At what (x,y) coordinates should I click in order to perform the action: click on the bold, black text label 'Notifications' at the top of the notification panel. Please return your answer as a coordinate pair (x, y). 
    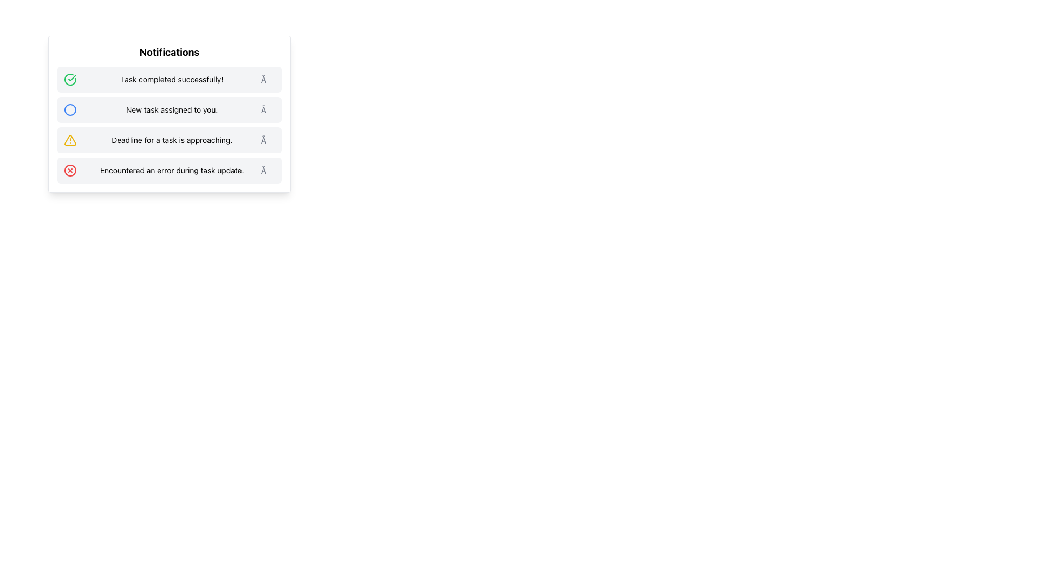
    Looking at the image, I should click on (168, 52).